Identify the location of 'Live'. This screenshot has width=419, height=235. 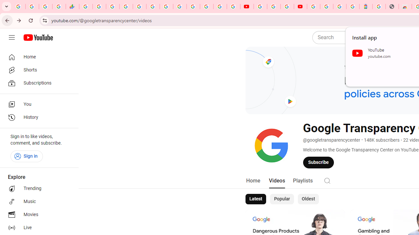
(37, 227).